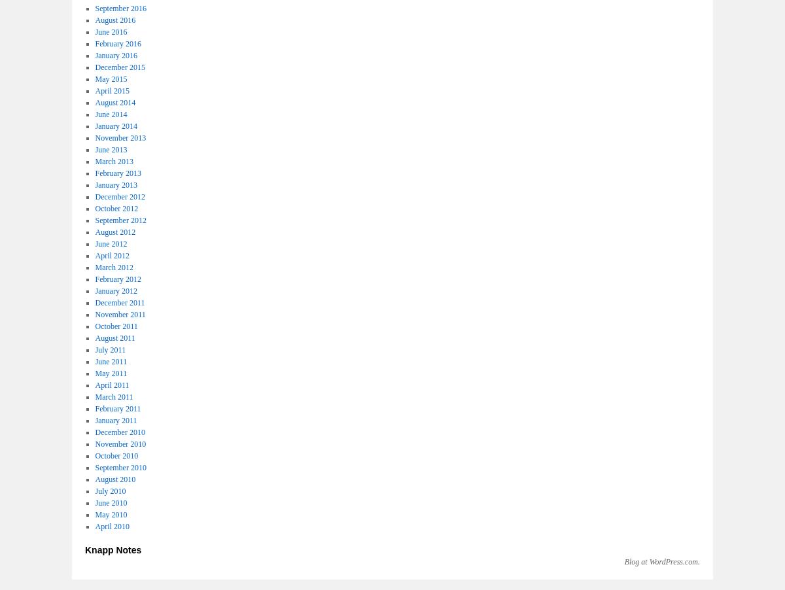 The image size is (785, 590). What do you see at coordinates (119, 468) in the screenshot?
I see `'September 2010'` at bounding box center [119, 468].